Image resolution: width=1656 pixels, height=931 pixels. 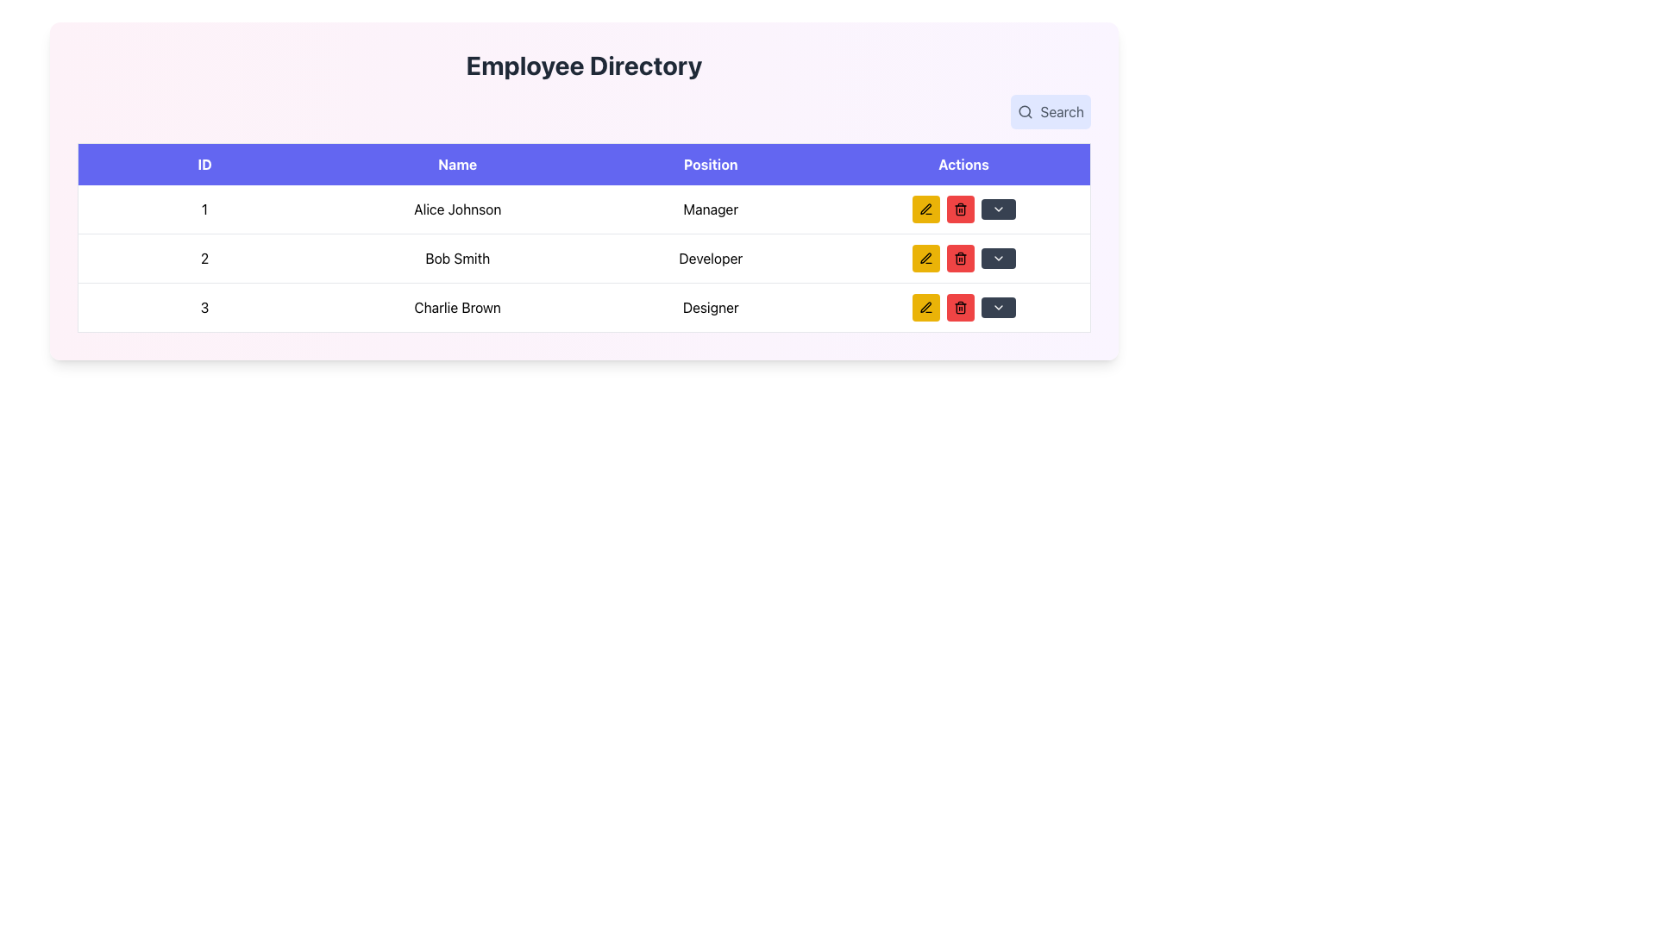 What do you see at coordinates (1025, 111) in the screenshot?
I see `the SVG Circle that is part of the magnifying glass icon located in the top-right corner of the interface, next to the 'Search' button` at bounding box center [1025, 111].